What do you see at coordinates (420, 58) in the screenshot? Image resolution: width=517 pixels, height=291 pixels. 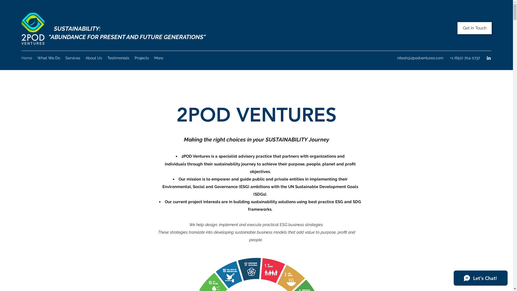 I see `'nitesh@2podventures.com'` at bounding box center [420, 58].